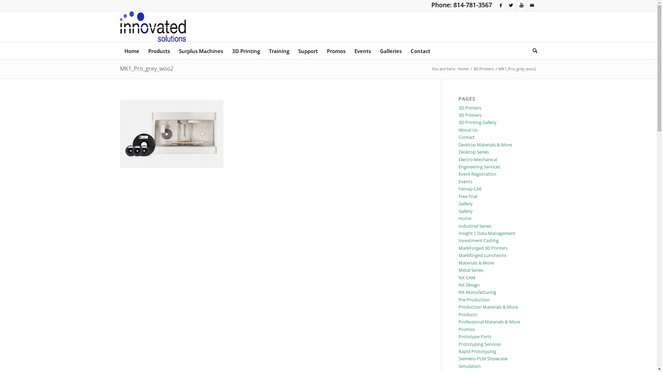  Describe the element at coordinates (482, 255) in the screenshot. I see `'Markforged Luncheons'` at that location.